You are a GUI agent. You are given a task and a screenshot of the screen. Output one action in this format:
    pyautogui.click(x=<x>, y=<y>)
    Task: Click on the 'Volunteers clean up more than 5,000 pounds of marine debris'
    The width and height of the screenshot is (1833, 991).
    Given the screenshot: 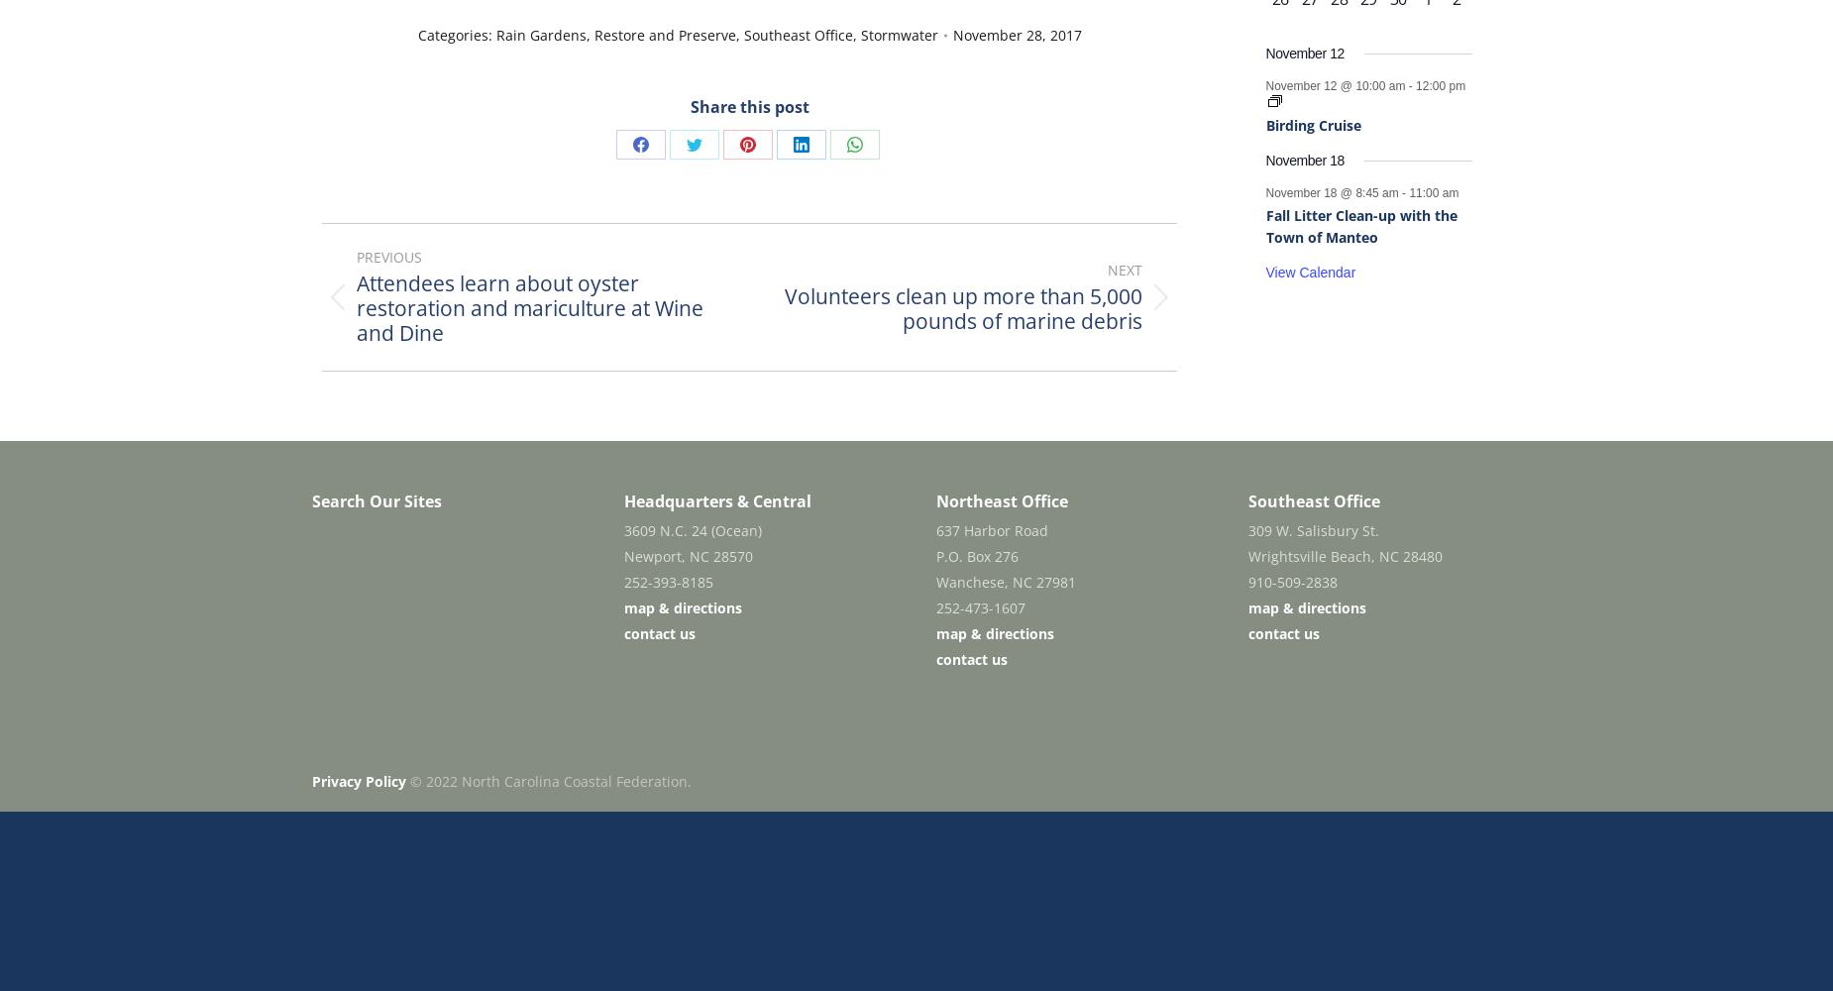 What is the action you would take?
    pyautogui.click(x=784, y=307)
    